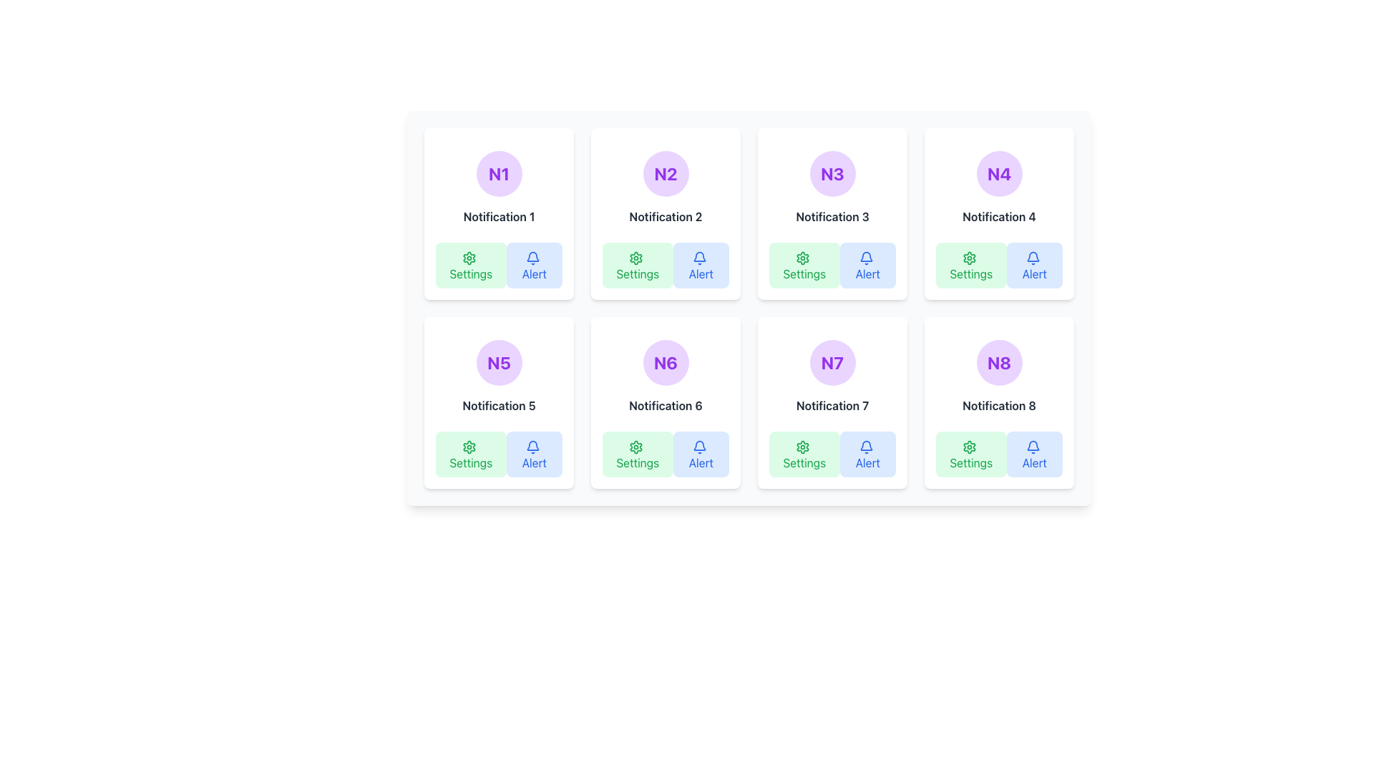 Image resolution: width=1374 pixels, height=773 pixels. What do you see at coordinates (970, 258) in the screenshot?
I see `the cog-shaped settings icon located in the bottom-left corner of the 'Notification 4' card` at bounding box center [970, 258].